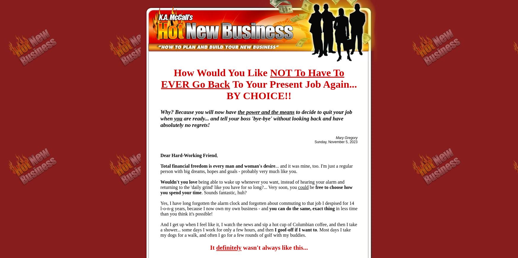 The width and height of the screenshot is (518, 258). I want to click on 'to decide to quit your job when', so click(256, 115).